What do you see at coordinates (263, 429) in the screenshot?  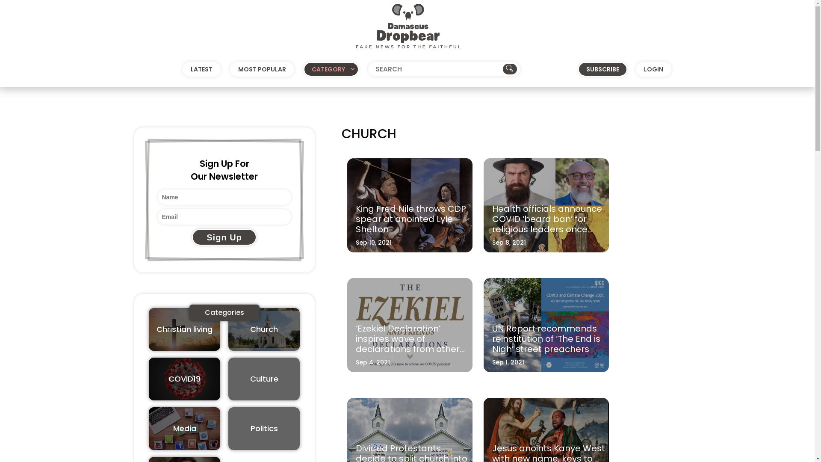 I see `'Politics'` at bounding box center [263, 429].